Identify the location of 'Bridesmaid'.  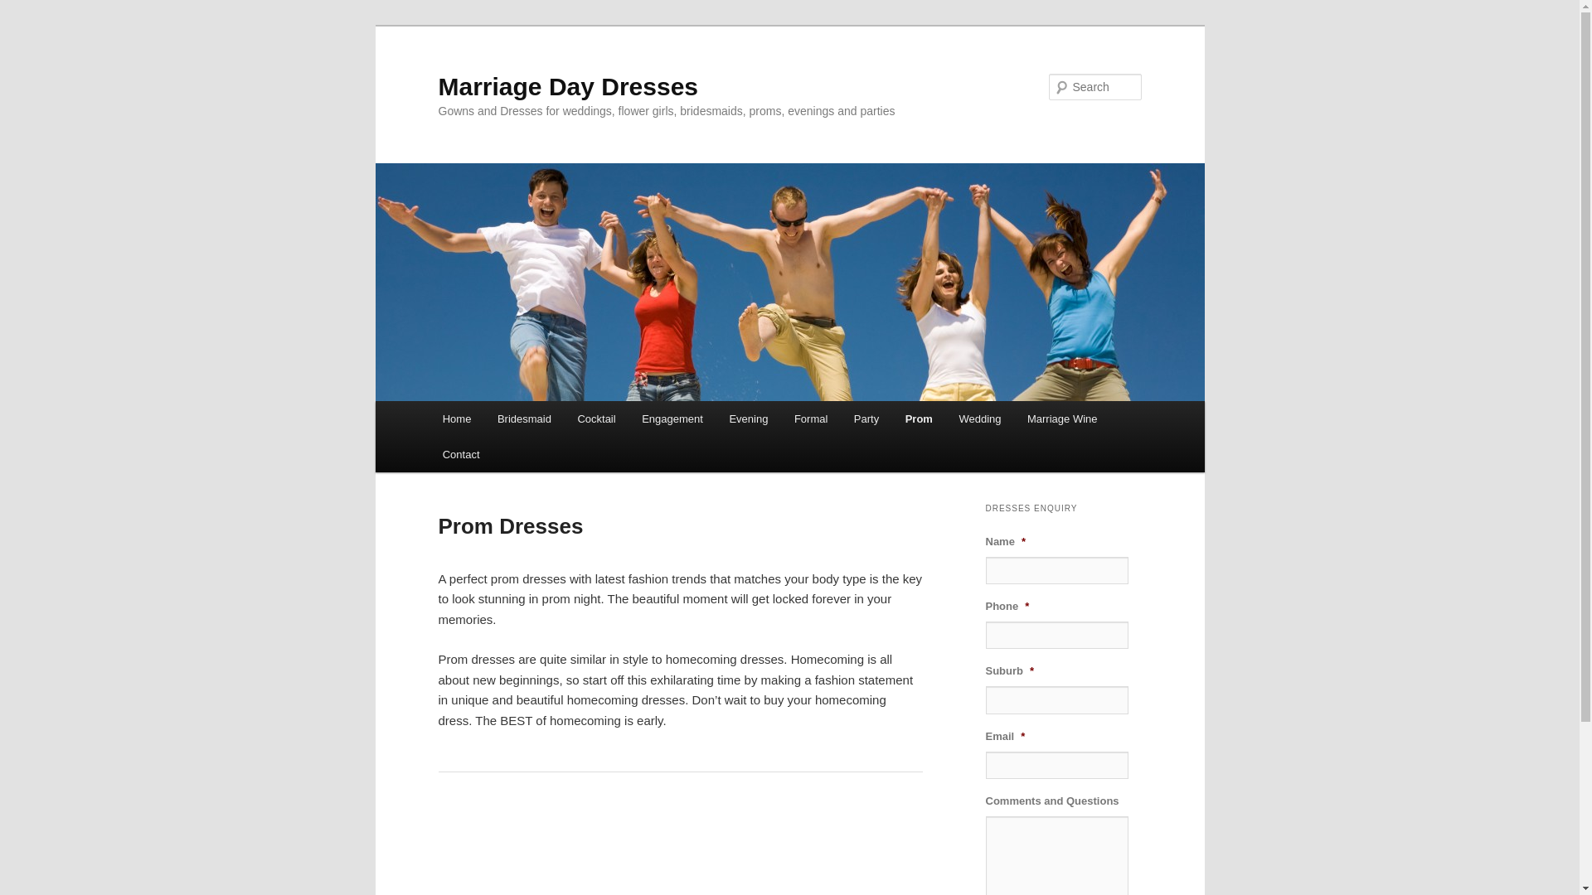
(483, 418).